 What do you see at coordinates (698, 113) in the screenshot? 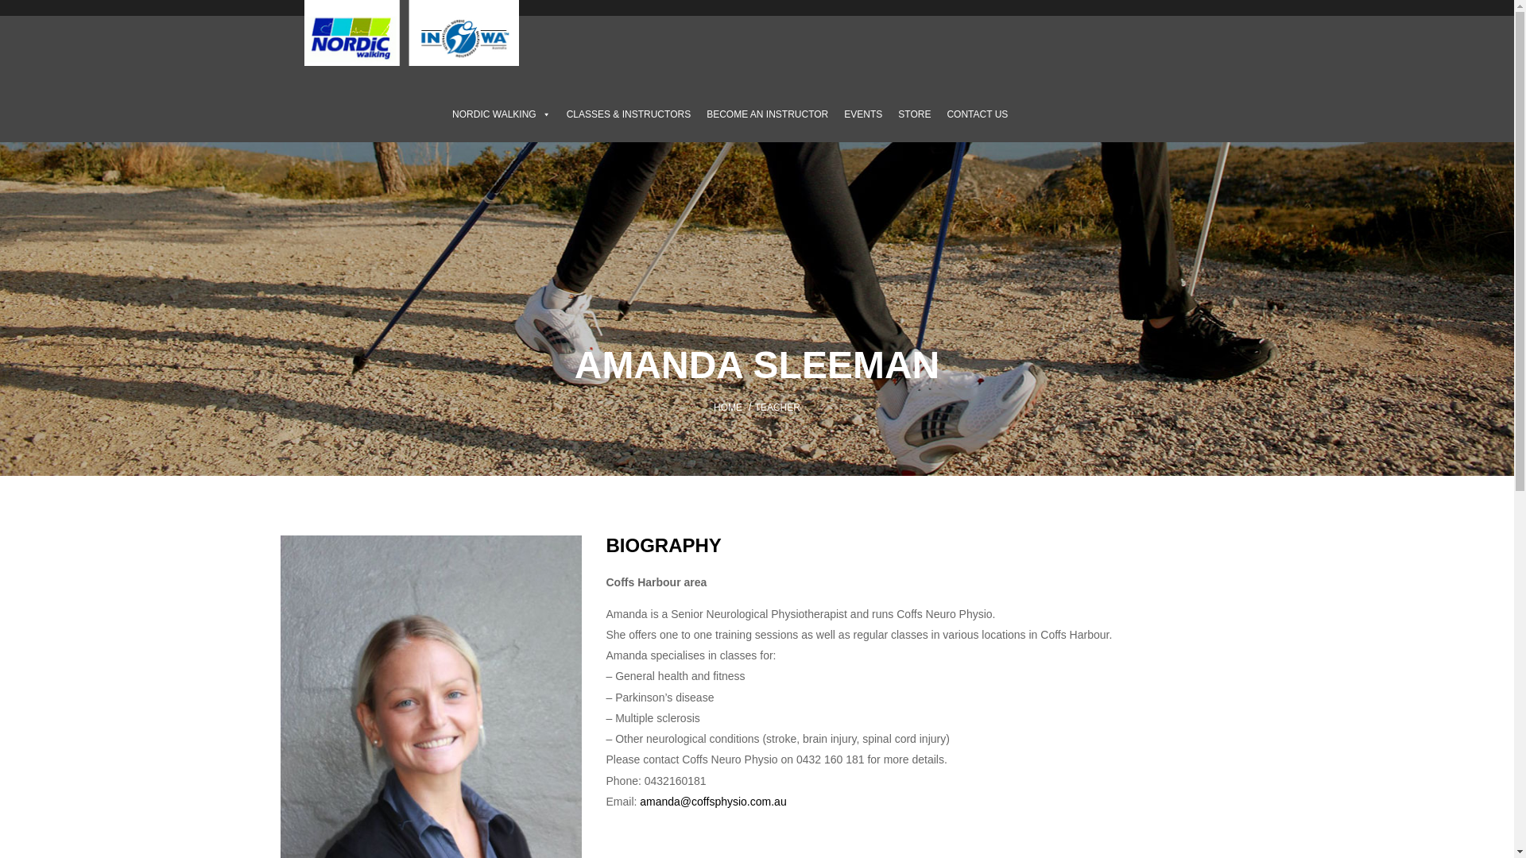
I see `'BECOME AN INSTRUCTOR'` at bounding box center [698, 113].